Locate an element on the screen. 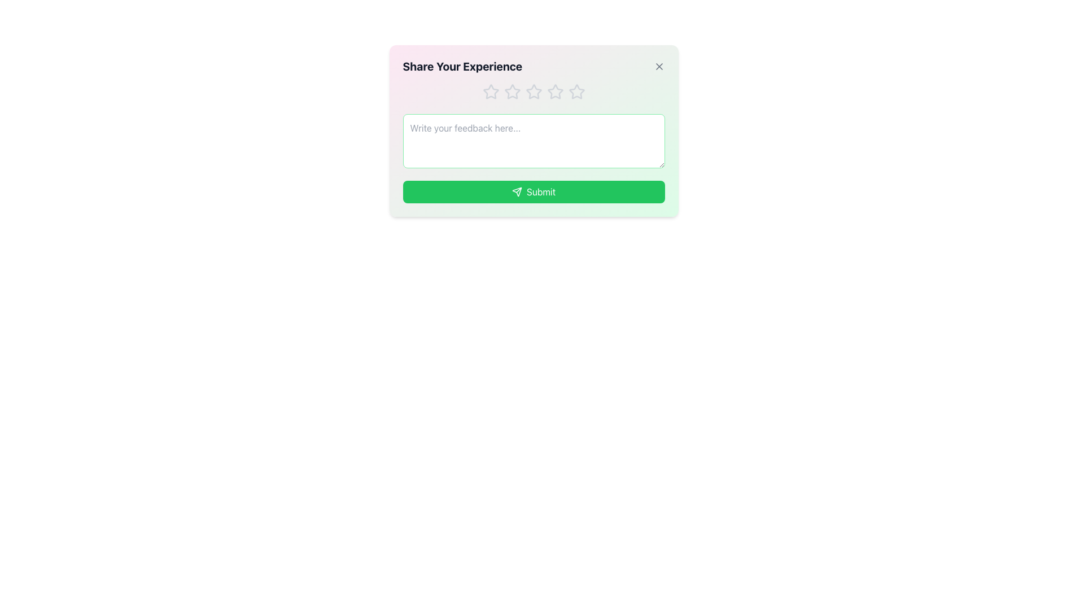  the close button represented as a small cross ('X') icon located in the upper-right corner of the card titled 'Share Your Experience' is located at coordinates (659, 67).